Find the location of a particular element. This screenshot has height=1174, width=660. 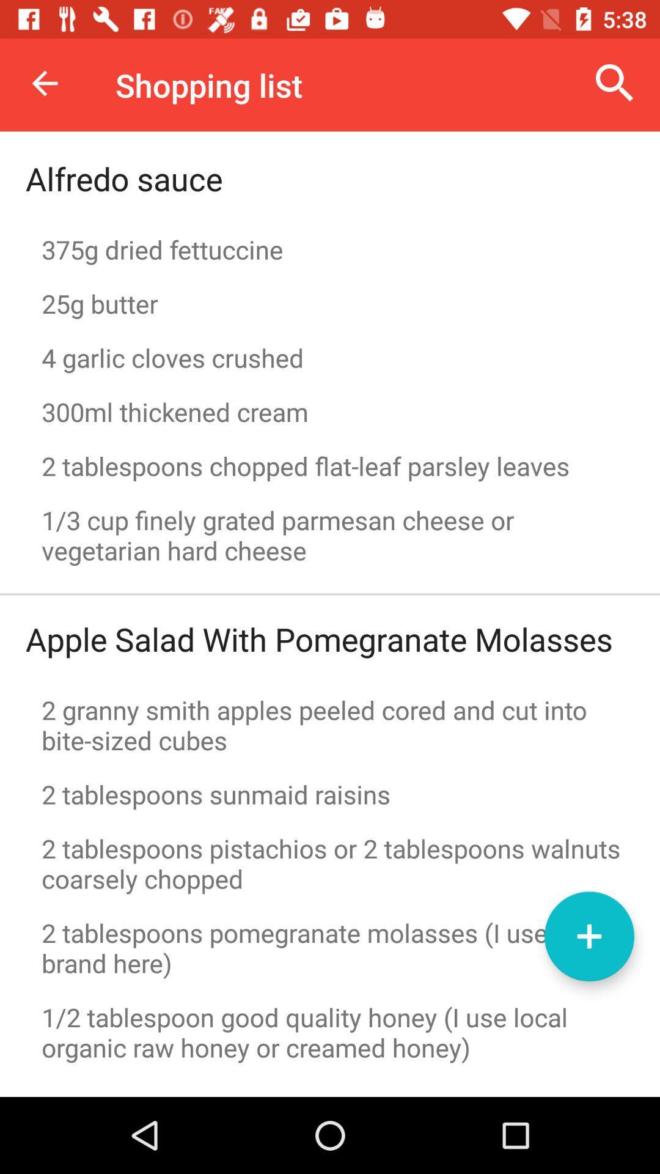

the  button is located at coordinates (588, 936).